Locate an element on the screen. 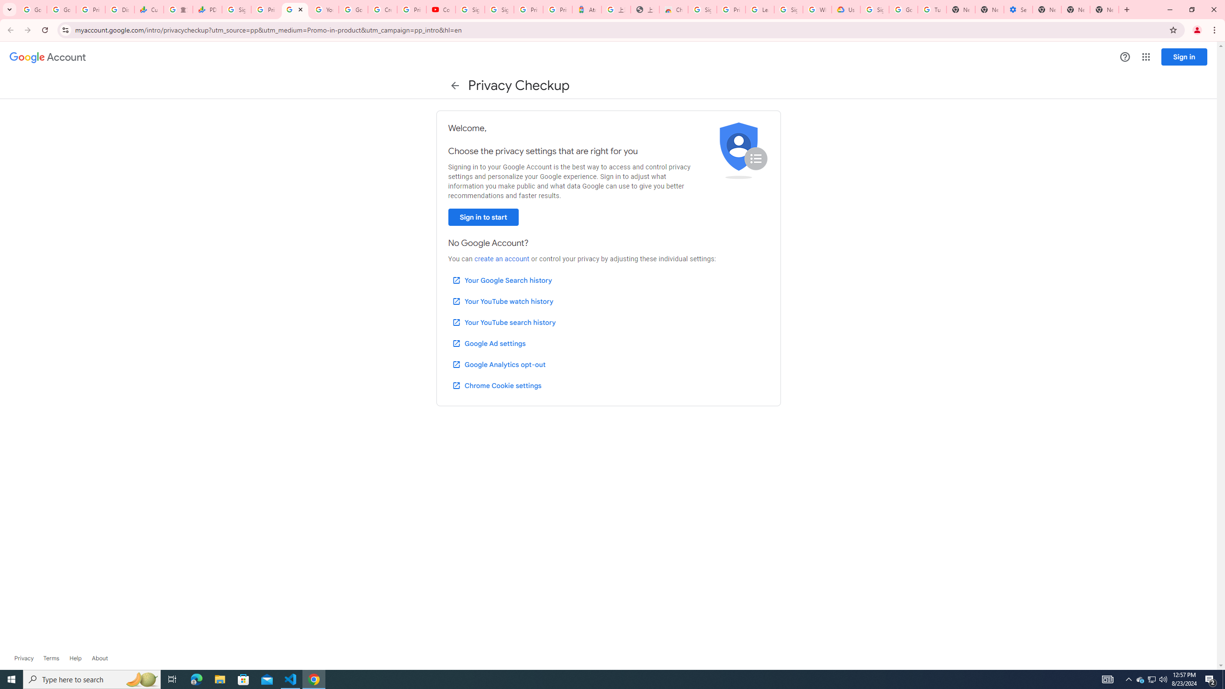 Image resolution: width=1225 pixels, height=689 pixels. 'Sign in - Google Accounts' is located at coordinates (499, 9).